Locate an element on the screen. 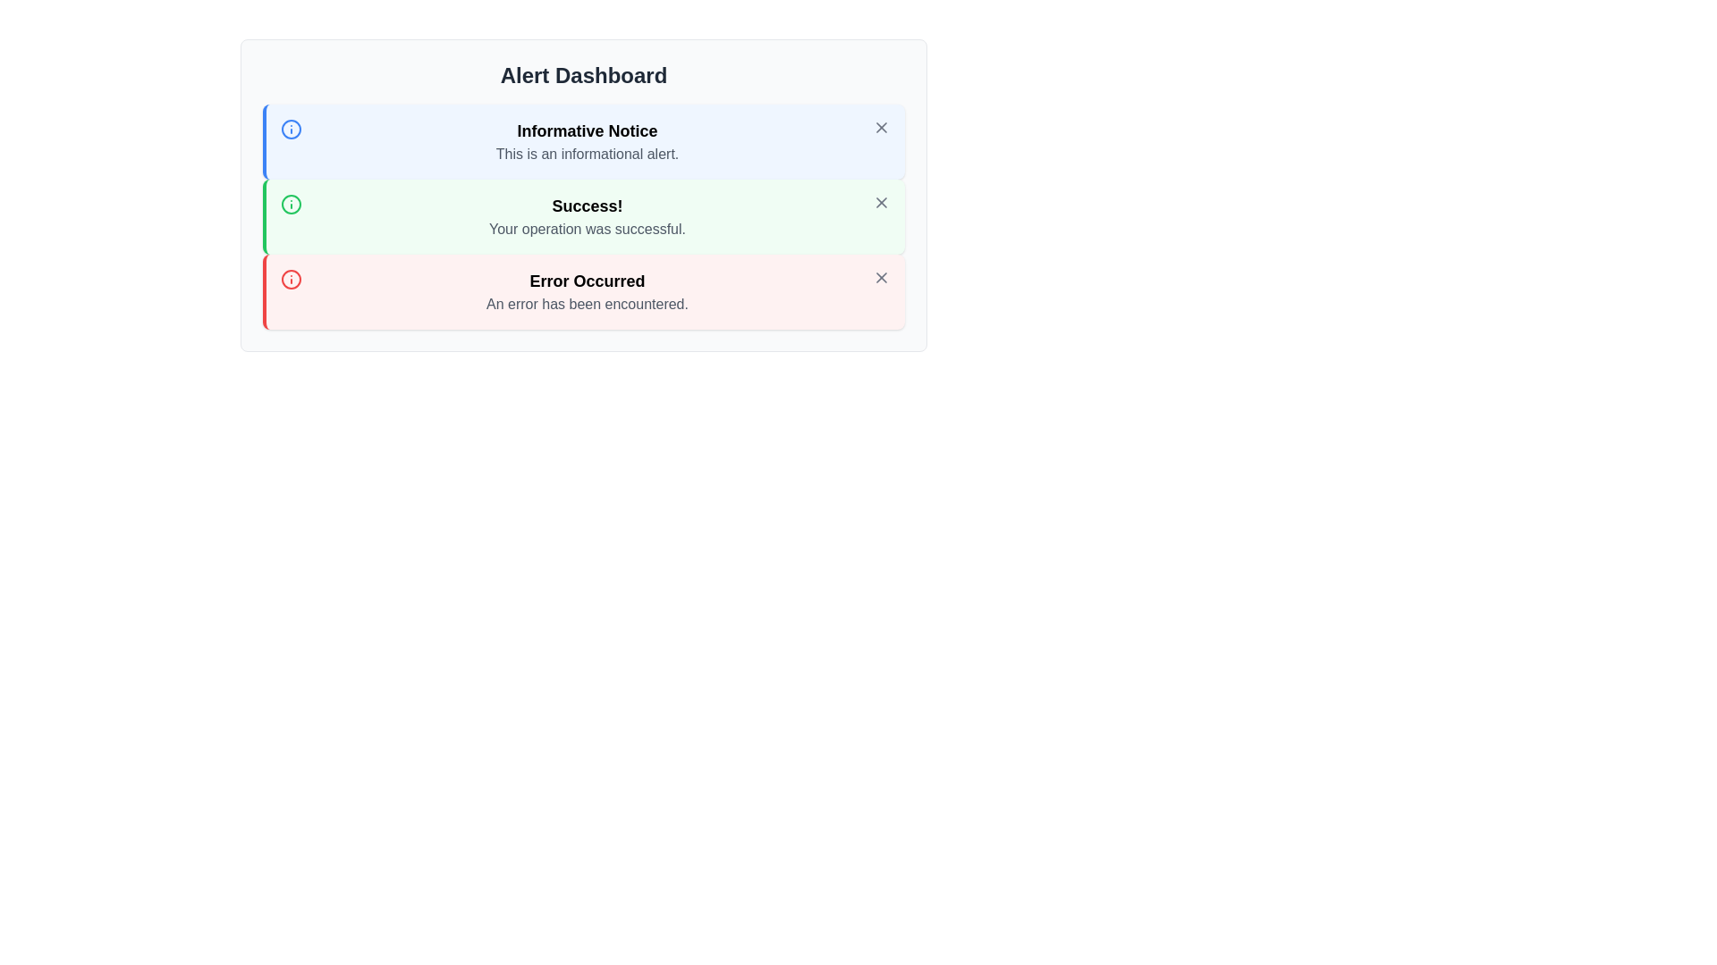 This screenshot has height=965, width=1717. success message from the text block that displays 'Success!' and 'Your operation was successful.' in a green-themed notification component is located at coordinates (588, 216).